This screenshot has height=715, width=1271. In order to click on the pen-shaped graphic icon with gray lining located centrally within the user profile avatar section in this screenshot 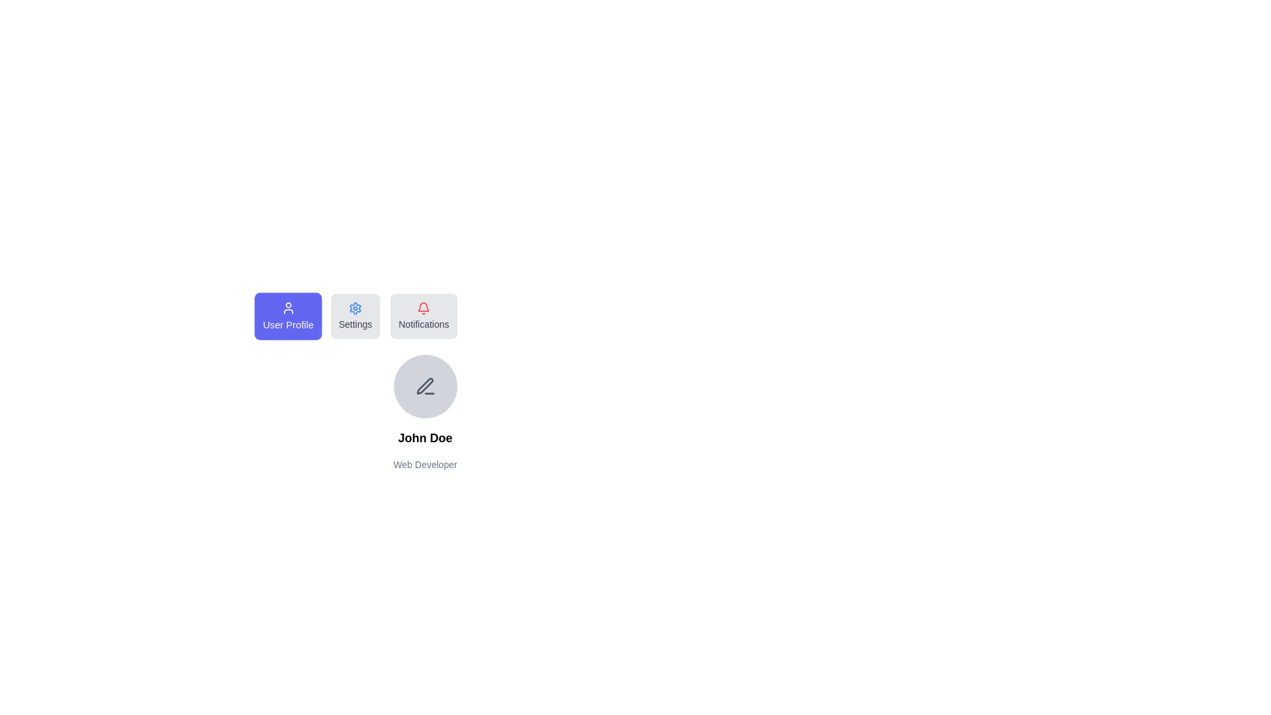, I will do `click(424, 386)`.